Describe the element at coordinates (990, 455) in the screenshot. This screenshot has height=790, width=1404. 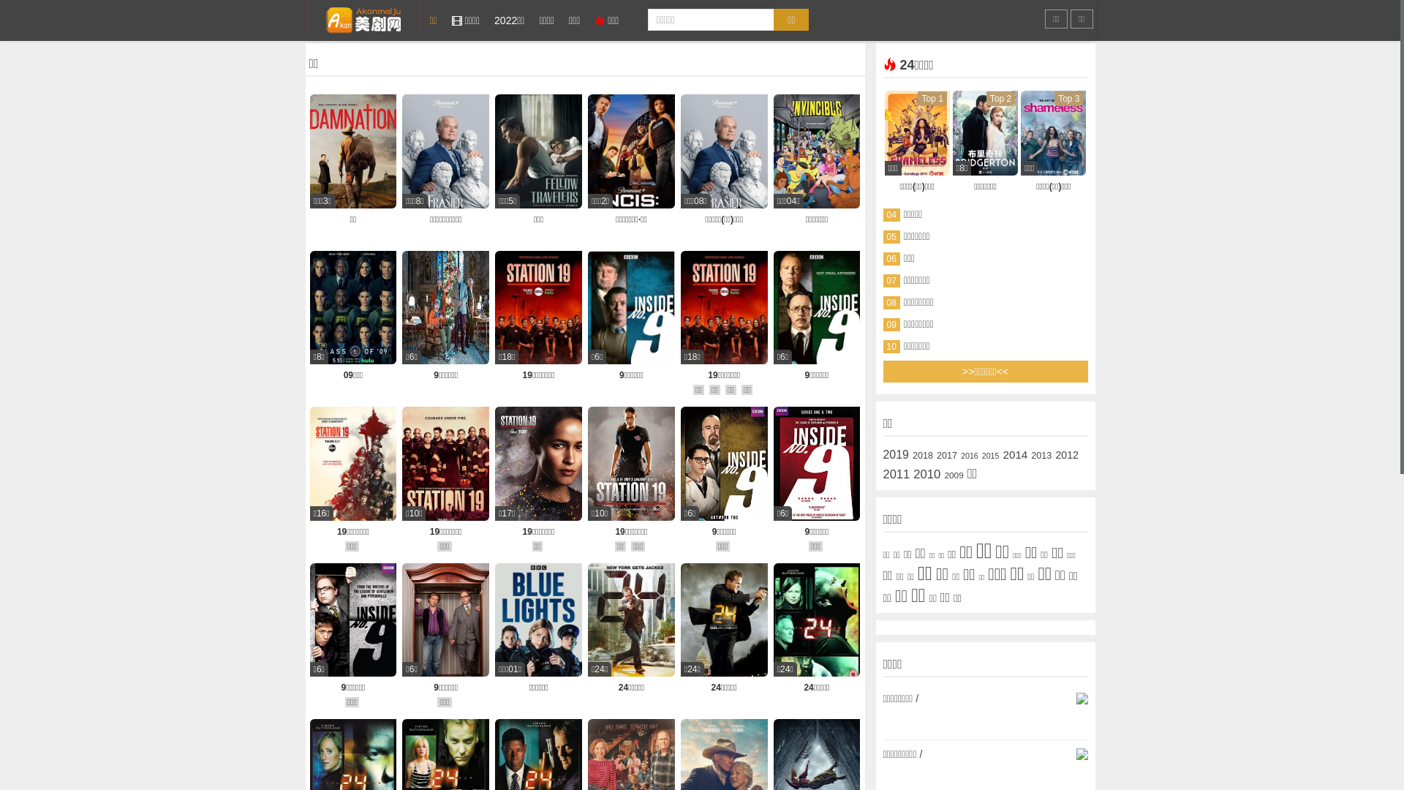
I see `'2015'` at that location.